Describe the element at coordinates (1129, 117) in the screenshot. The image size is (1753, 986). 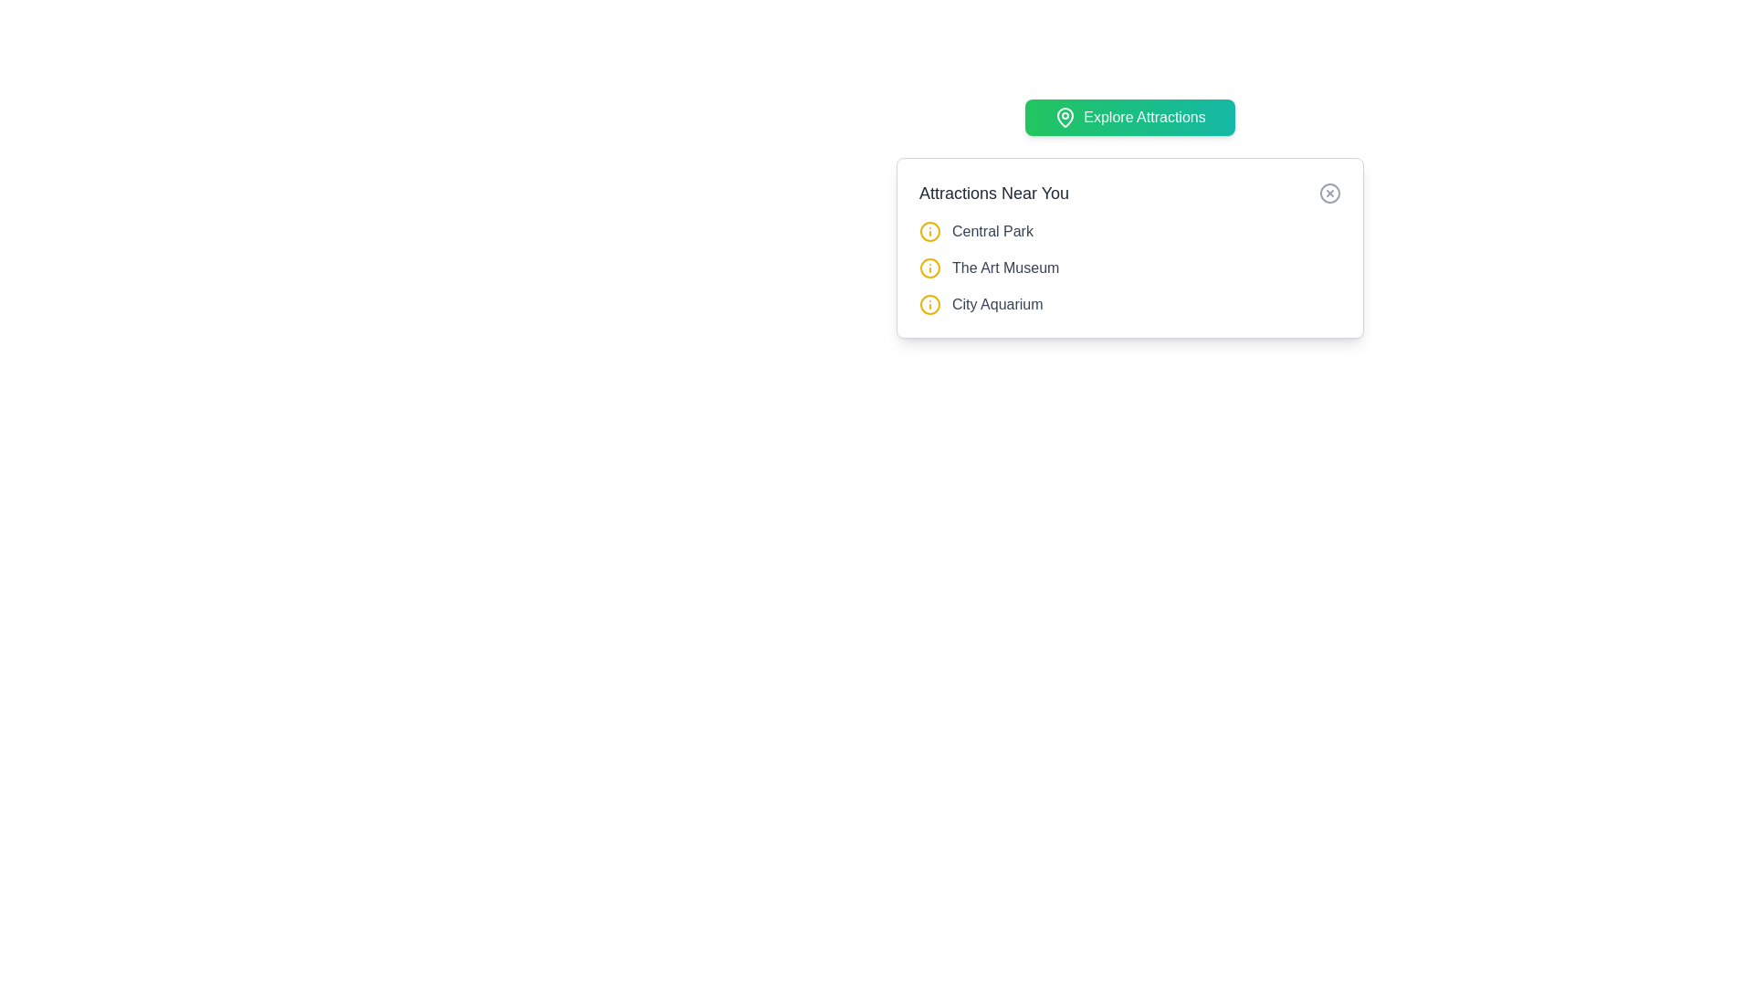
I see `the rectangular button with rounded corners and a gradient background labeled 'Explore Attractions'` at that location.